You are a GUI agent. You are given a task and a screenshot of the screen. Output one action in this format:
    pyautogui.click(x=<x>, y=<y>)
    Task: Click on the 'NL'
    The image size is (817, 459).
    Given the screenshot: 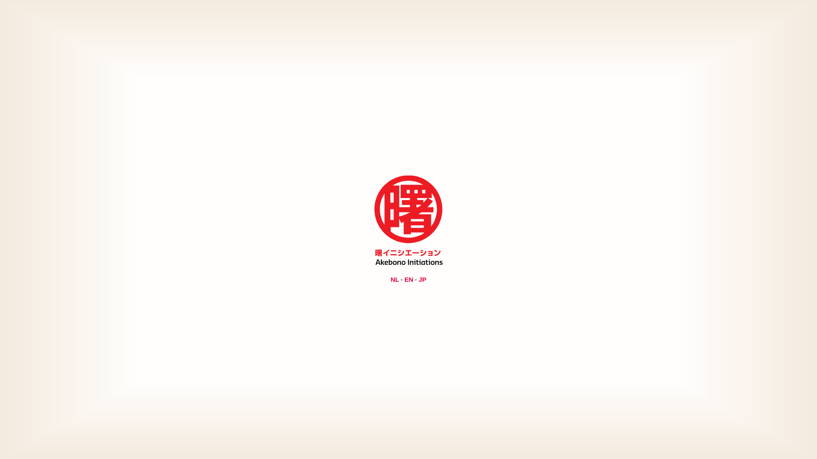 What is the action you would take?
    pyautogui.click(x=394, y=279)
    